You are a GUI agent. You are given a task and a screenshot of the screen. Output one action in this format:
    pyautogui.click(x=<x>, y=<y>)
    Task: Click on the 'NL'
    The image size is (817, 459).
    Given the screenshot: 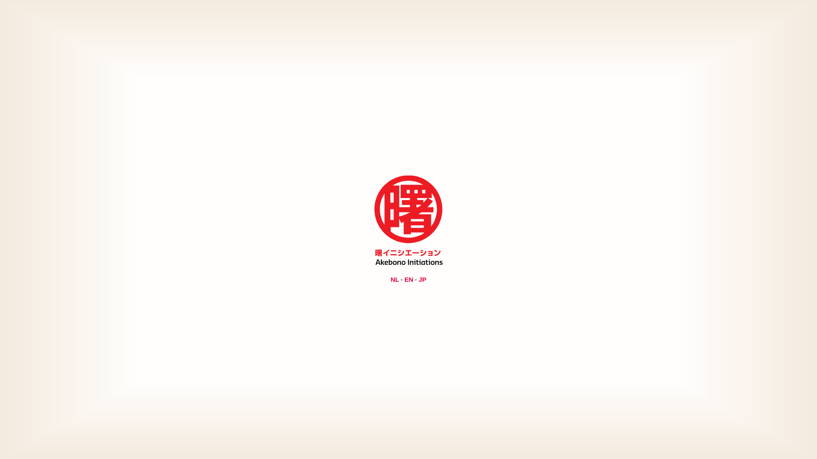 What is the action you would take?
    pyautogui.click(x=394, y=279)
    